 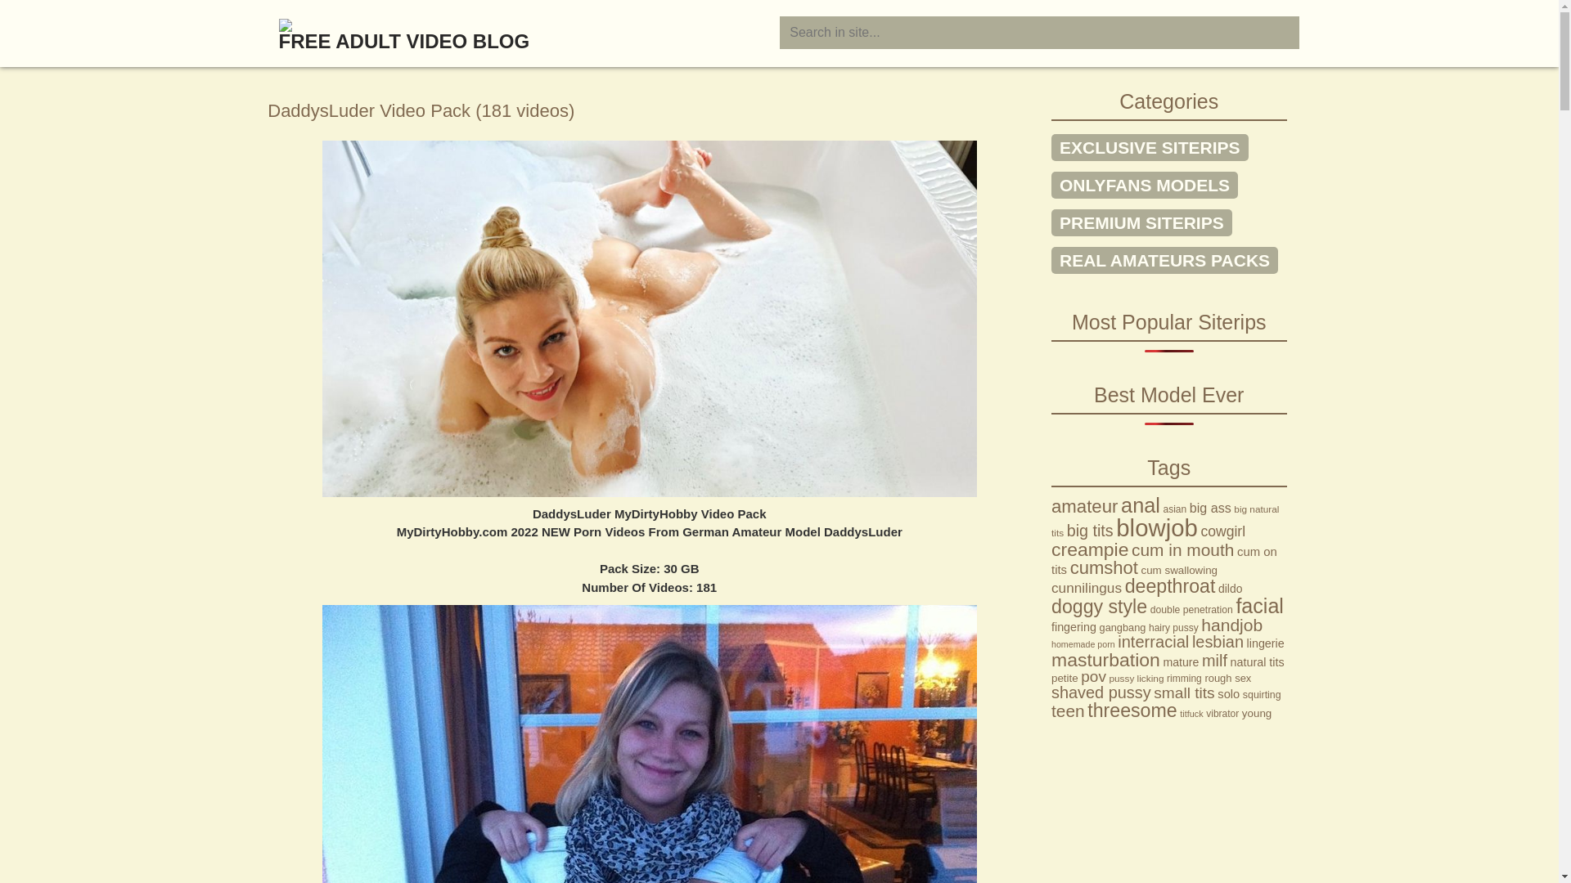 I want to click on 'shaved pussy', so click(x=1101, y=693).